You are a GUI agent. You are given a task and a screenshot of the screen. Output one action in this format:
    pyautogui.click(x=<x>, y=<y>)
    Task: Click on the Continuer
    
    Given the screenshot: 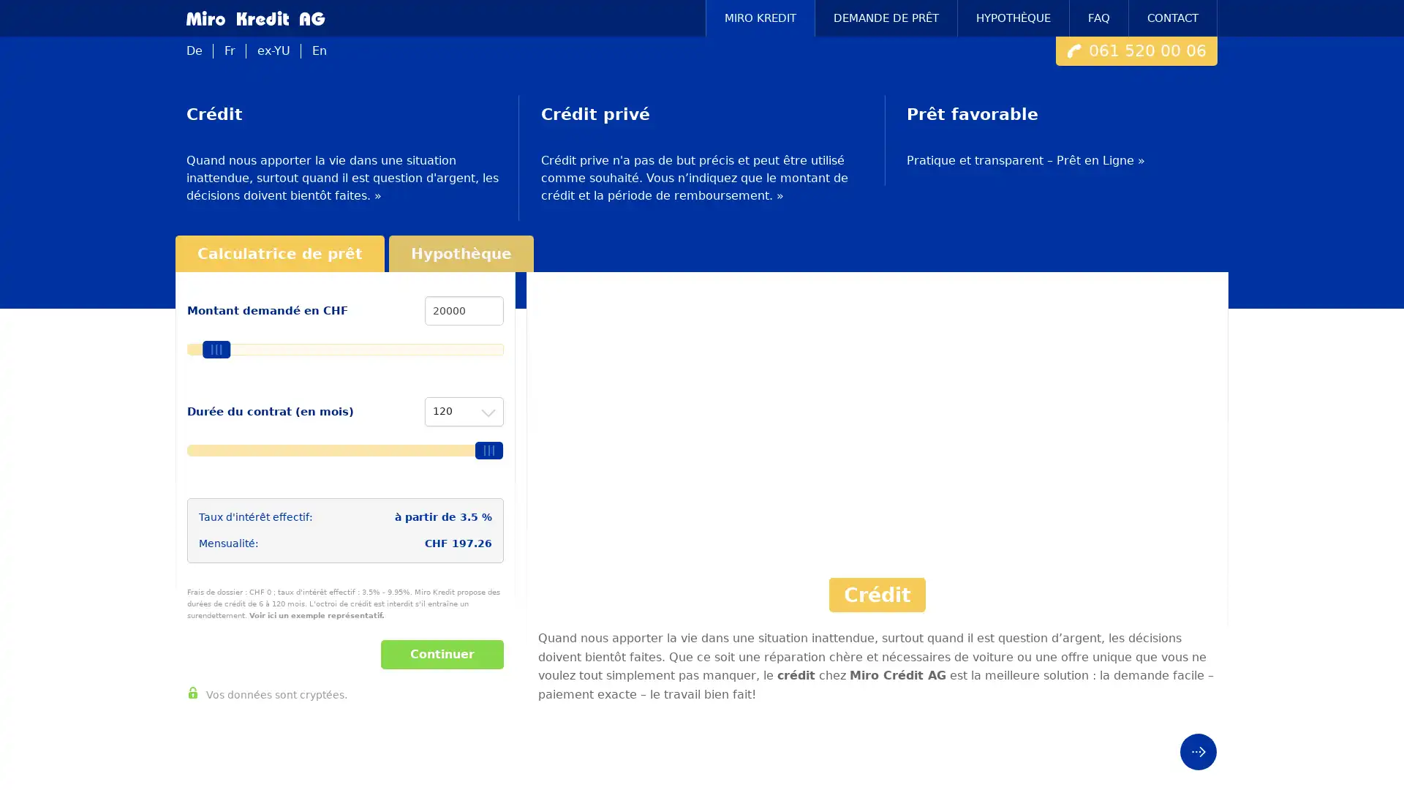 What is the action you would take?
    pyautogui.click(x=441, y=653)
    